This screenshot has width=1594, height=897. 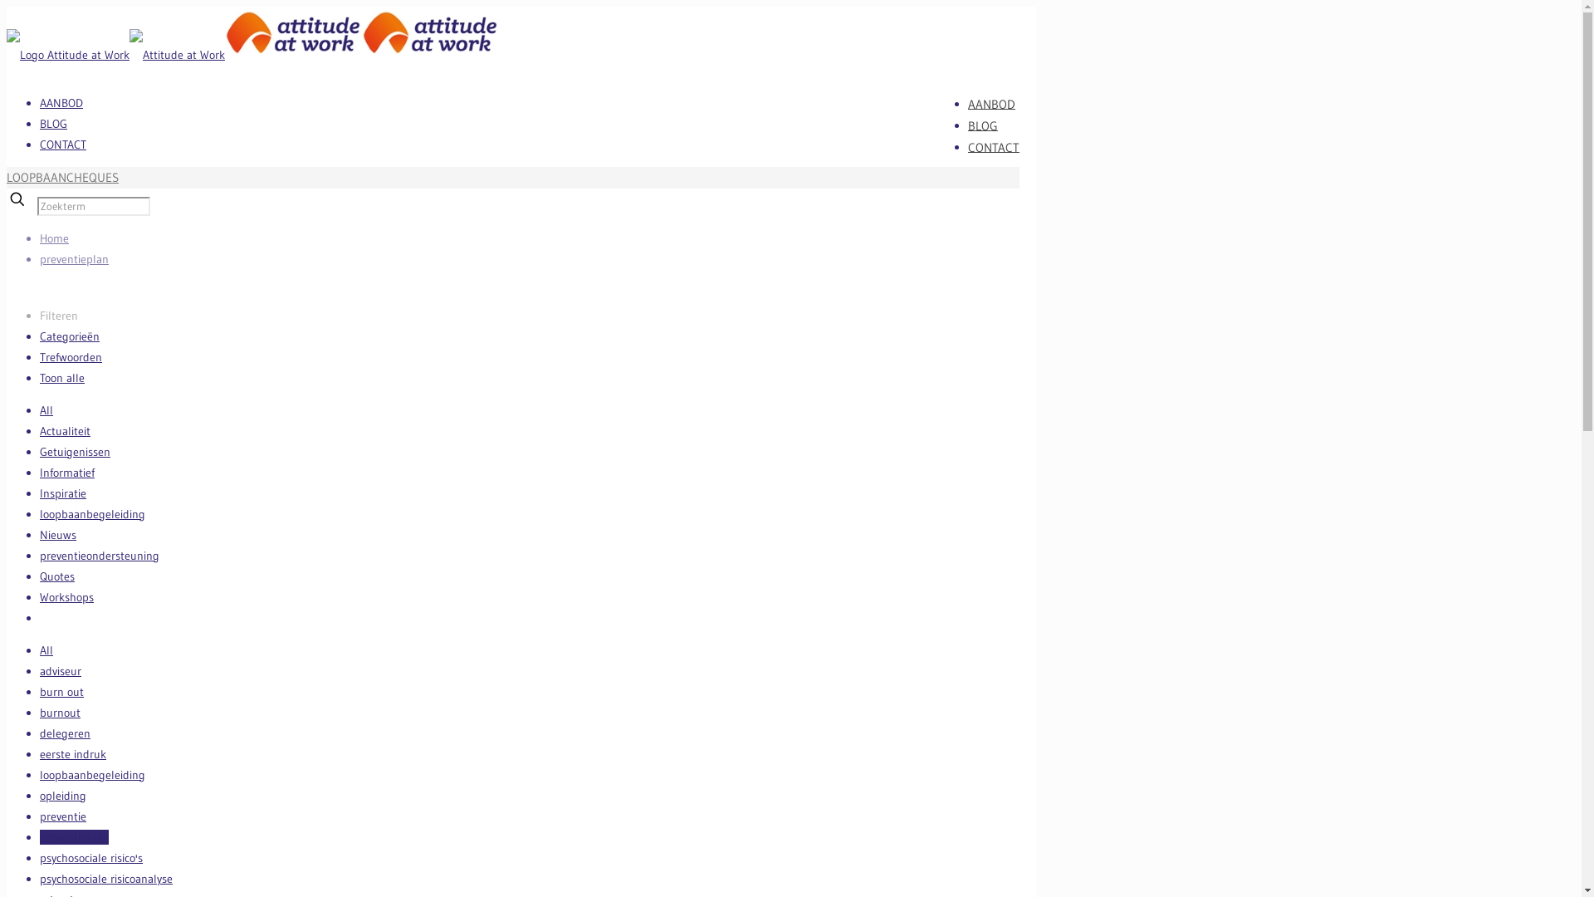 What do you see at coordinates (90, 858) in the screenshot?
I see `'psychosociale risico's'` at bounding box center [90, 858].